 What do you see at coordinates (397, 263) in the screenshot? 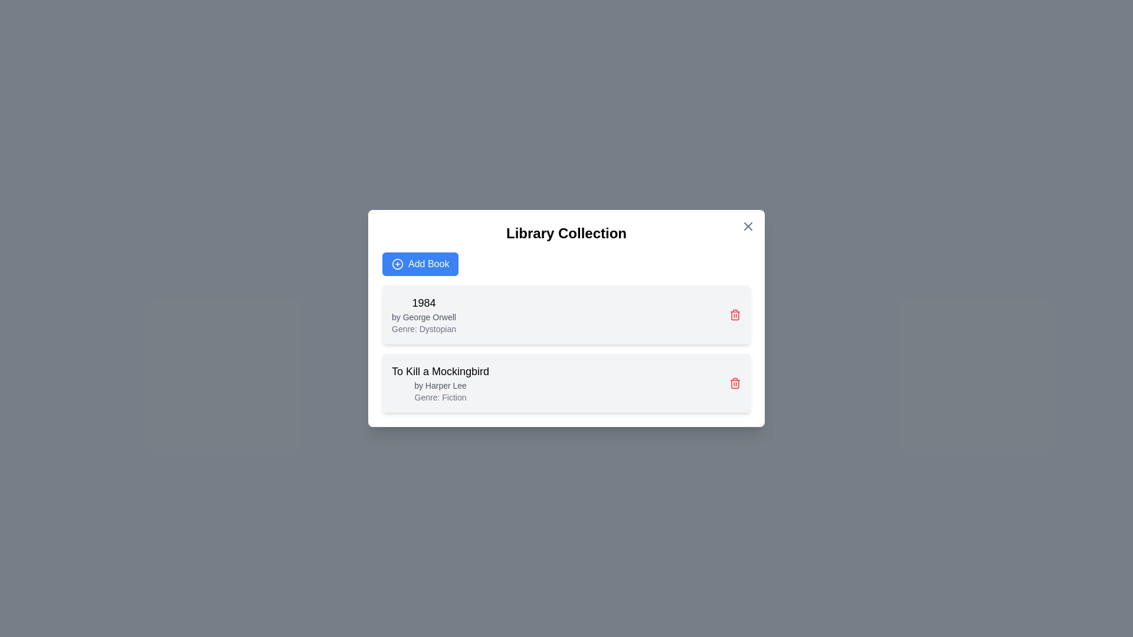
I see `the 'Add Book' icon located on the left side of the 'Add Book' button, which visually indicates the functionality of adding a book` at bounding box center [397, 263].